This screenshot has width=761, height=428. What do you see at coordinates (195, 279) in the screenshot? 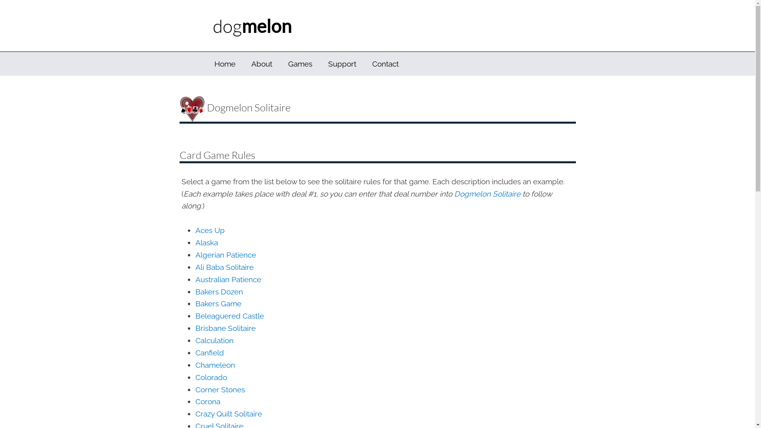
I see `'Australian Patience'` at bounding box center [195, 279].